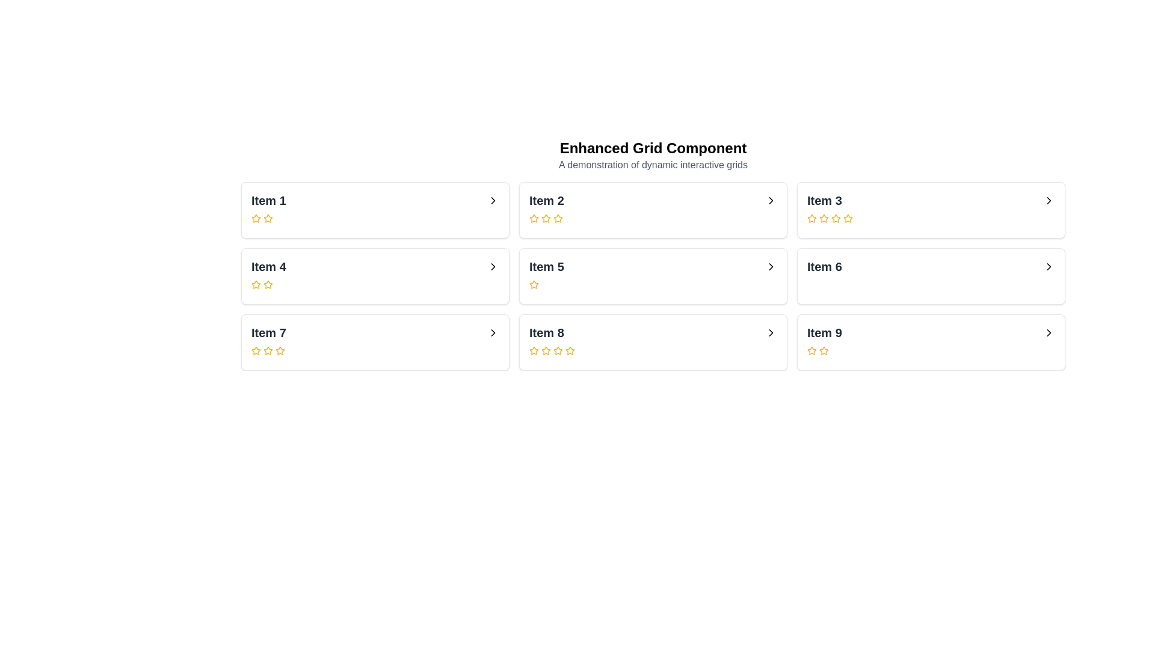 This screenshot has width=1155, height=649. Describe the element at coordinates (823, 218) in the screenshot. I see `the third star icon in the sequence of five under the text 'Item 3' in the 'Enhanced Grid Component' interface` at that location.